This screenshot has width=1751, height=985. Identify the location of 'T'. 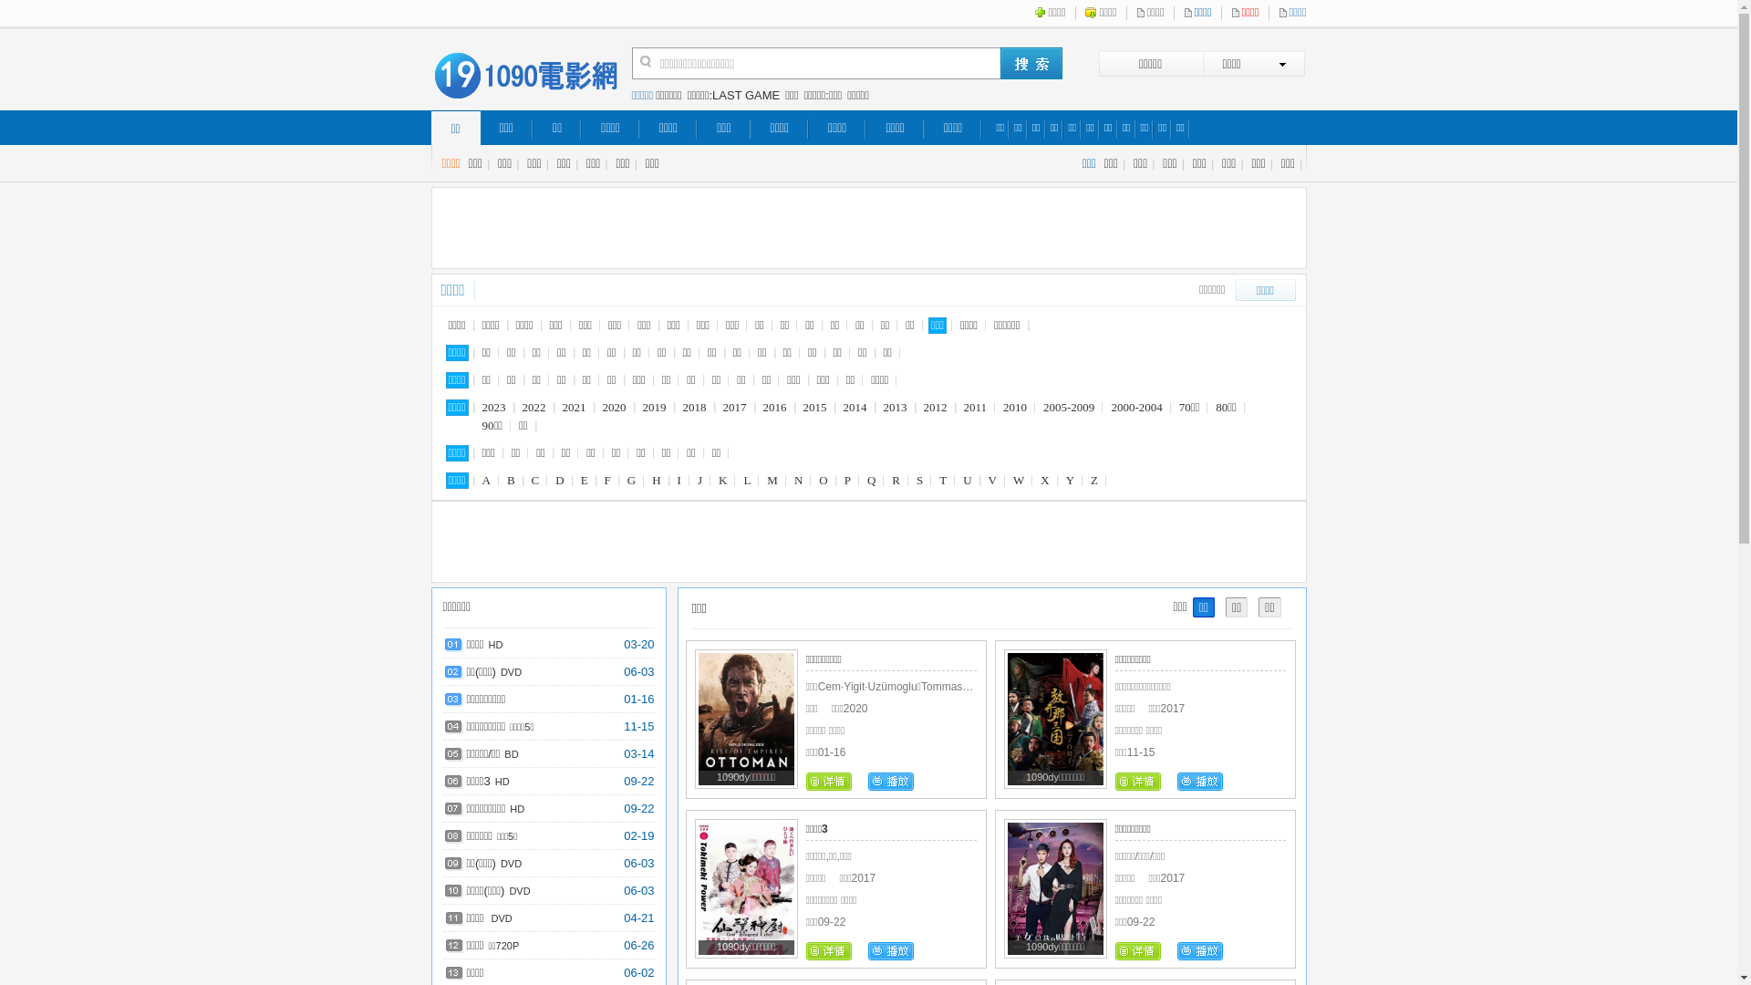
(942, 480).